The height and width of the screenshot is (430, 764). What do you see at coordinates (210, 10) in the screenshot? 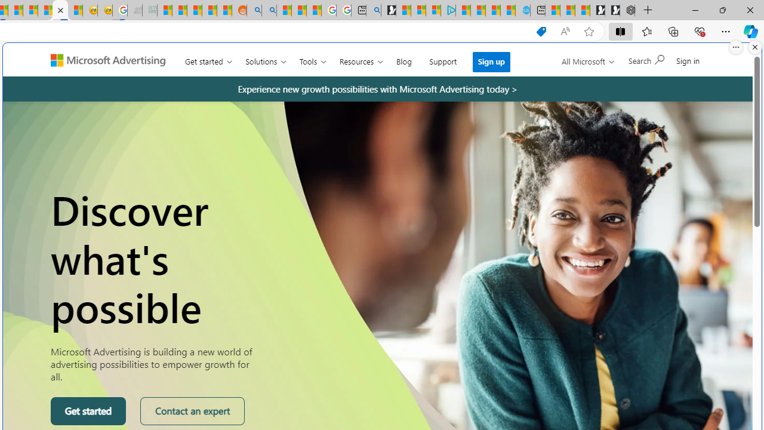
I see `'Student Loan Update: Forgiveness Program Ends This Month'` at bounding box center [210, 10].